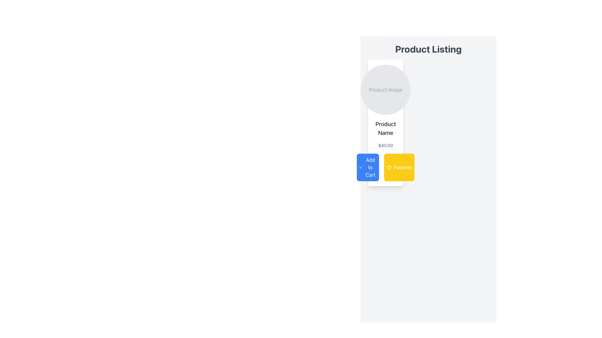 This screenshot has width=602, height=338. Describe the element at coordinates (368, 167) in the screenshot. I see `the blue 'Add to Cart' button with white text and a shopping cart icon` at that location.